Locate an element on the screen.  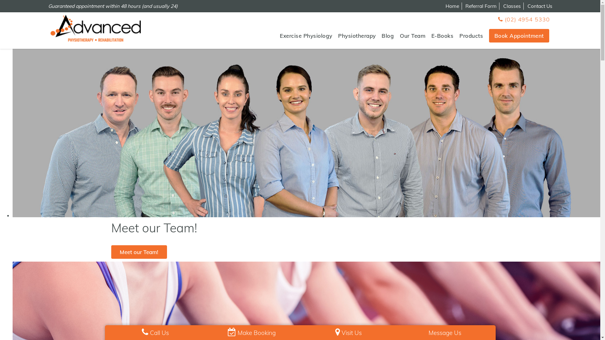
'Our Team' is located at coordinates (412, 36).